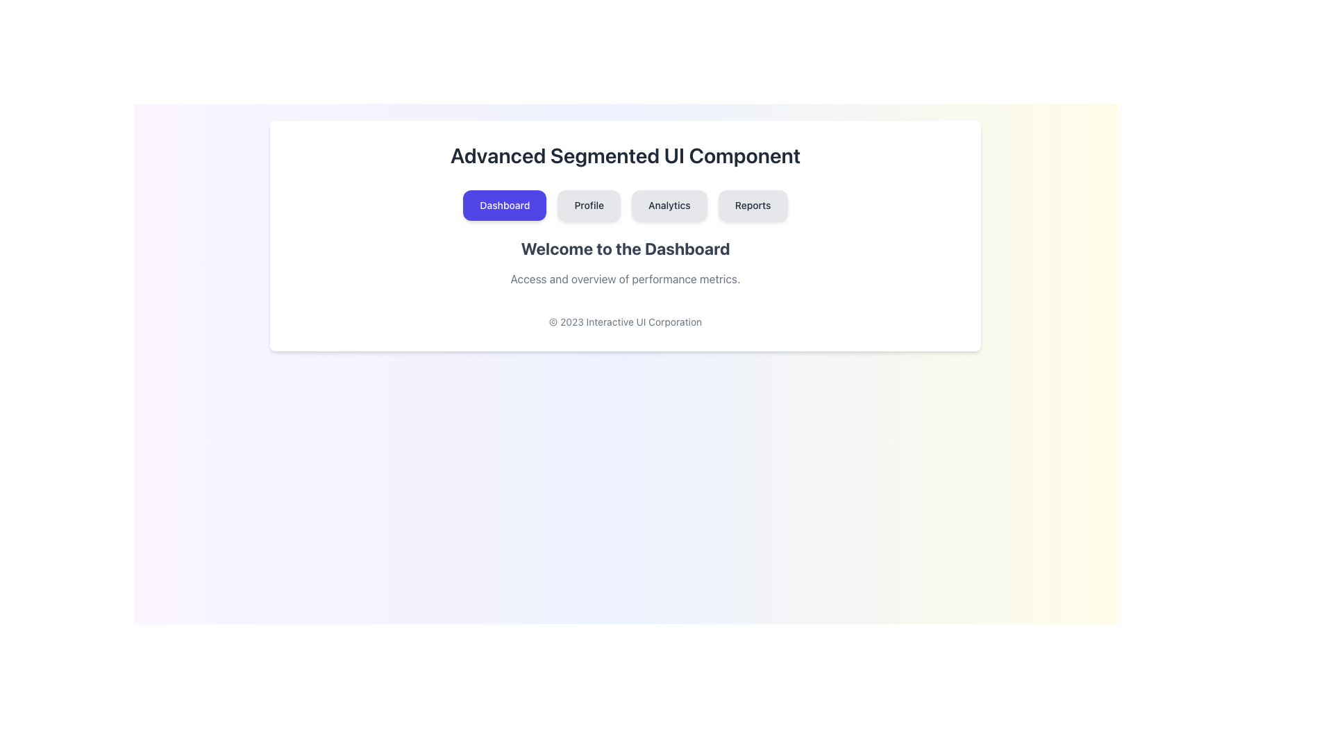 The width and height of the screenshot is (1333, 750). I want to click on text 'Welcome to the Dashboard' from the Heading Text element, which is prominently displayed in bold and large typography below the navigation buttons, so click(625, 248).